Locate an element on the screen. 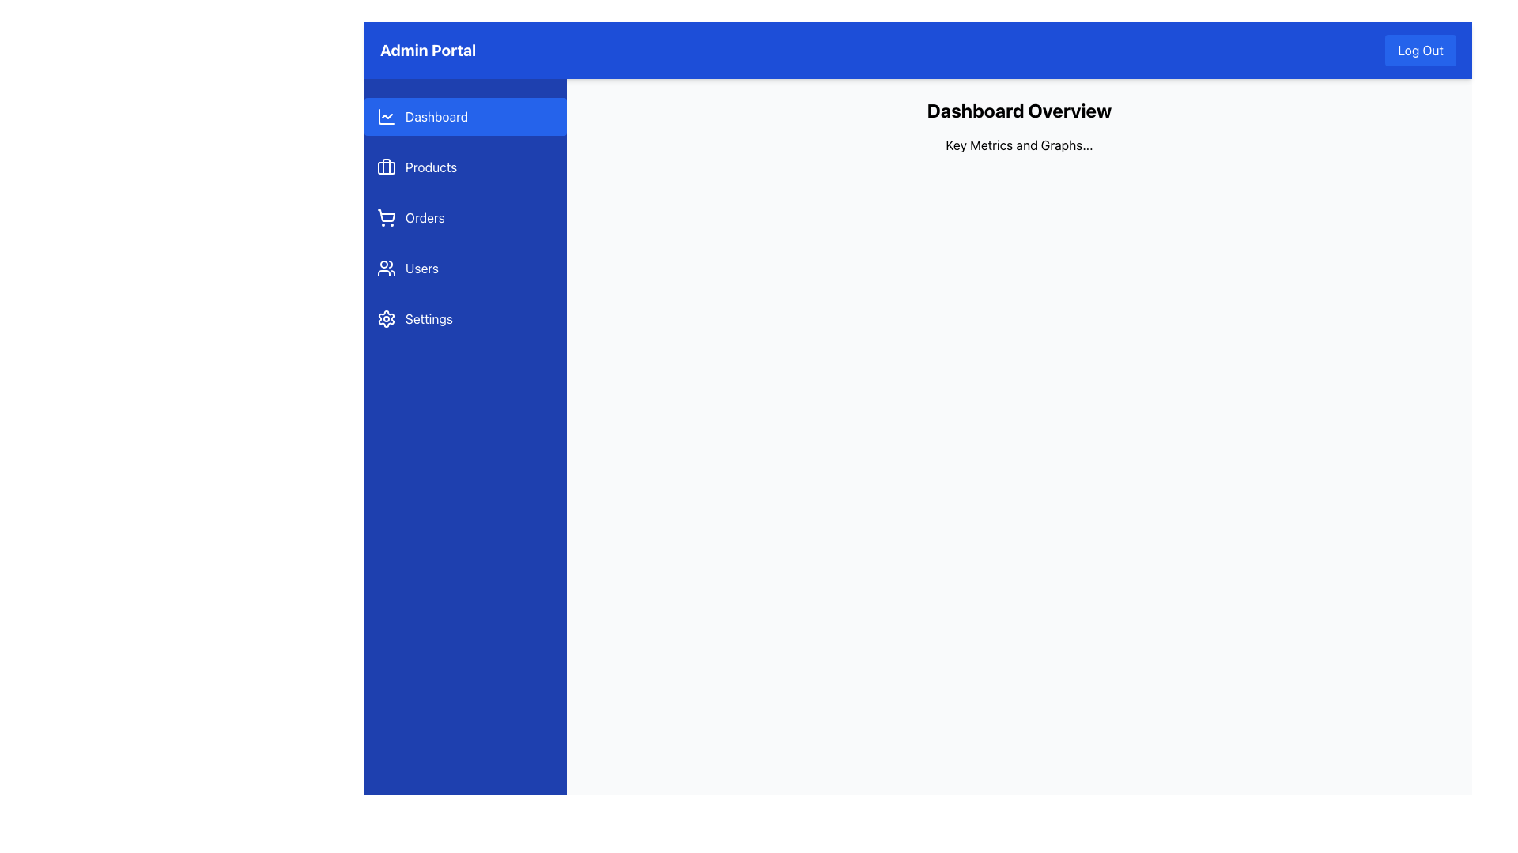  the 'Orders' navigation button located in the vertical menu on the left sidebar is located at coordinates (465, 218).